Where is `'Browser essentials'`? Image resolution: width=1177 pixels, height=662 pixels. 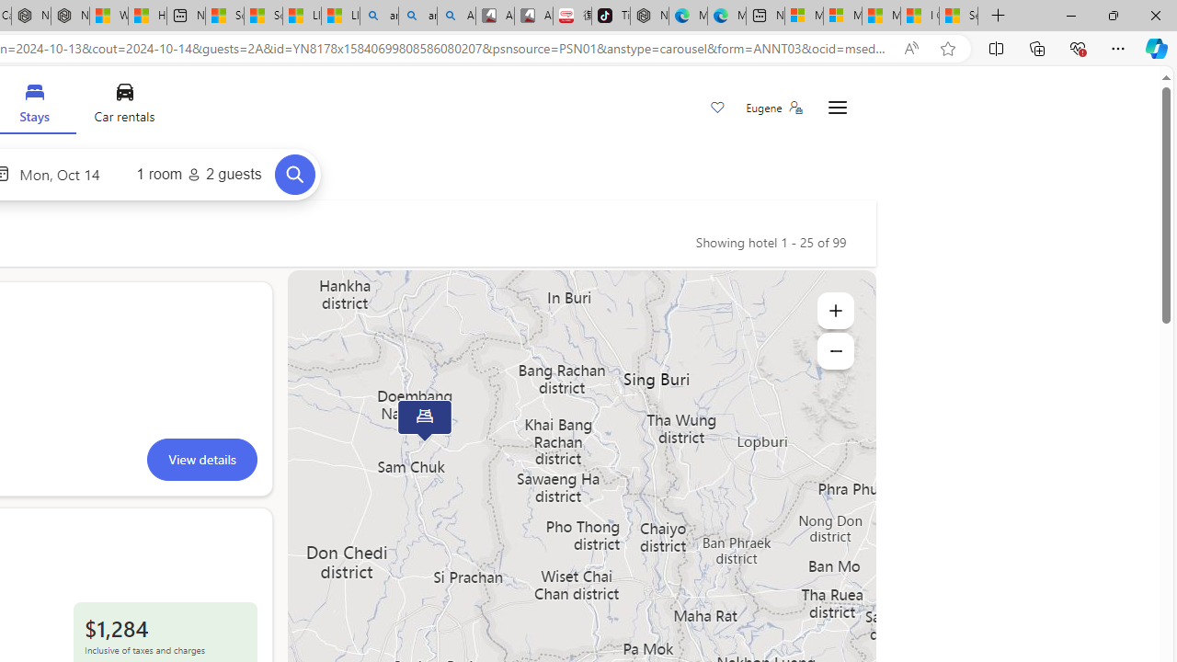 'Browser essentials' is located at coordinates (1077, 47).